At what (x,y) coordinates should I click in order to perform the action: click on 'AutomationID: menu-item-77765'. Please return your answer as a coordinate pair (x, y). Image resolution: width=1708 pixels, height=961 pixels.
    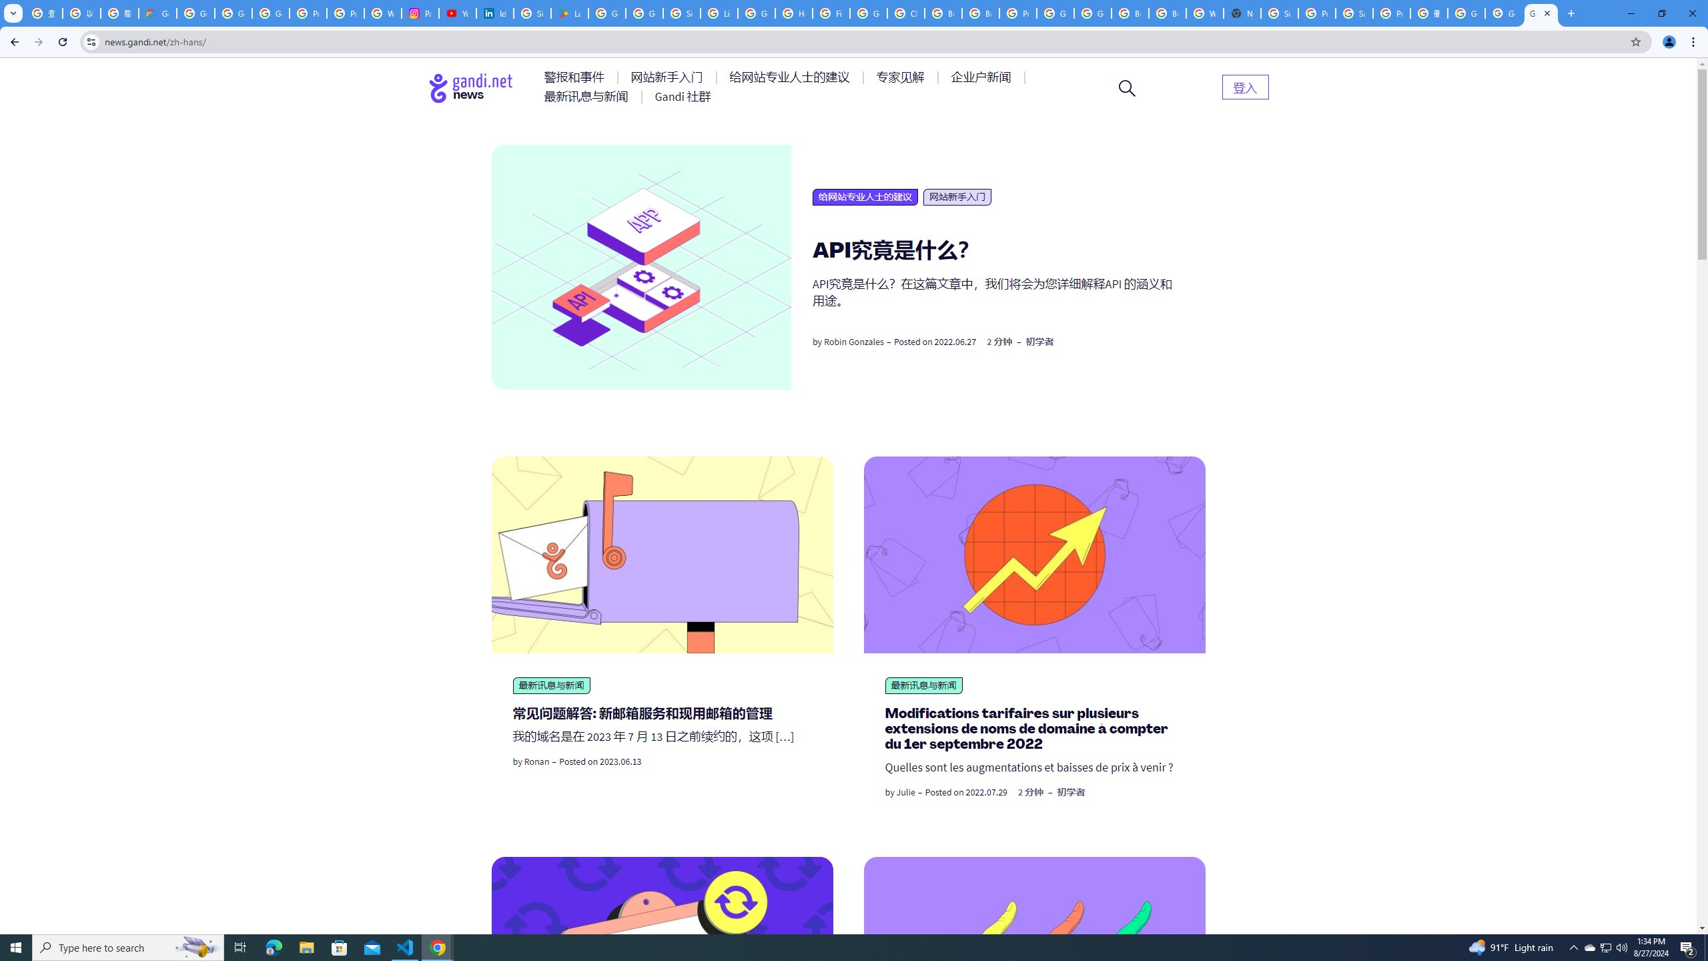
    Looking at the image, I should click on (983, 76).